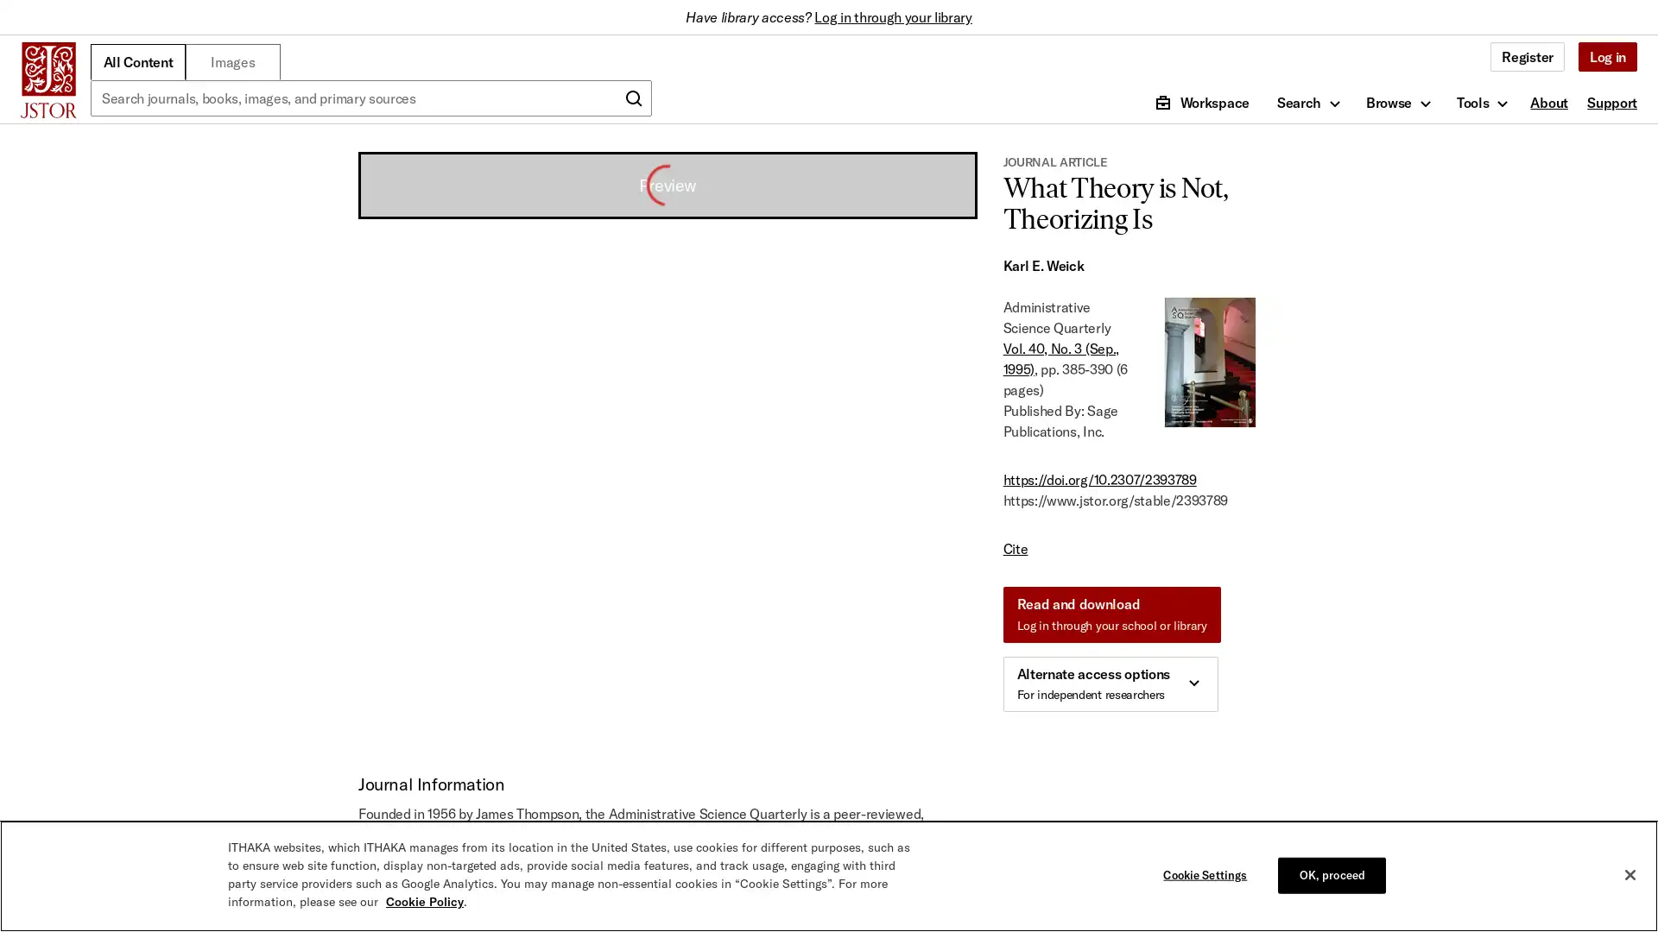 The height and width of the screenshot is (932, 1658). I want to click on Alternate access options For independent researchers, so click(1110, 683).